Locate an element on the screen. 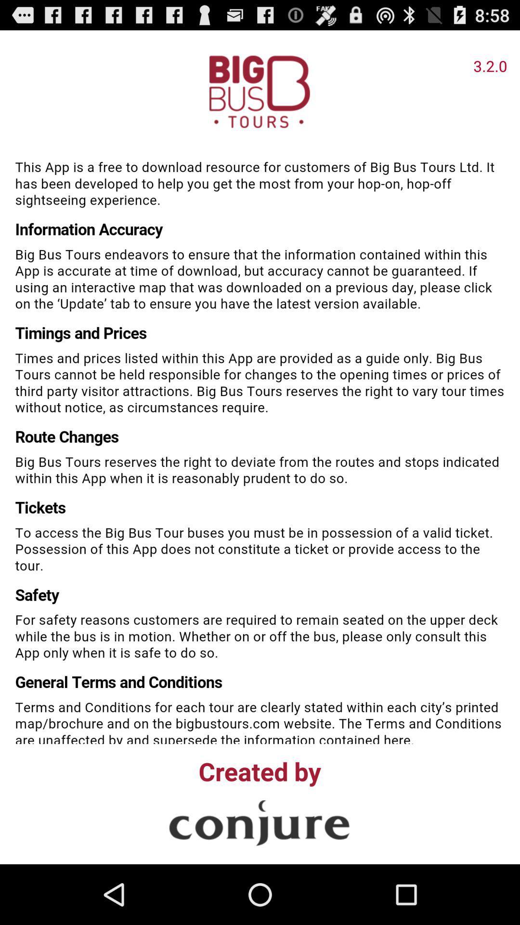 The width and height of the screenshot is (520, 925). link to creator is located at coordinates (259, 822).